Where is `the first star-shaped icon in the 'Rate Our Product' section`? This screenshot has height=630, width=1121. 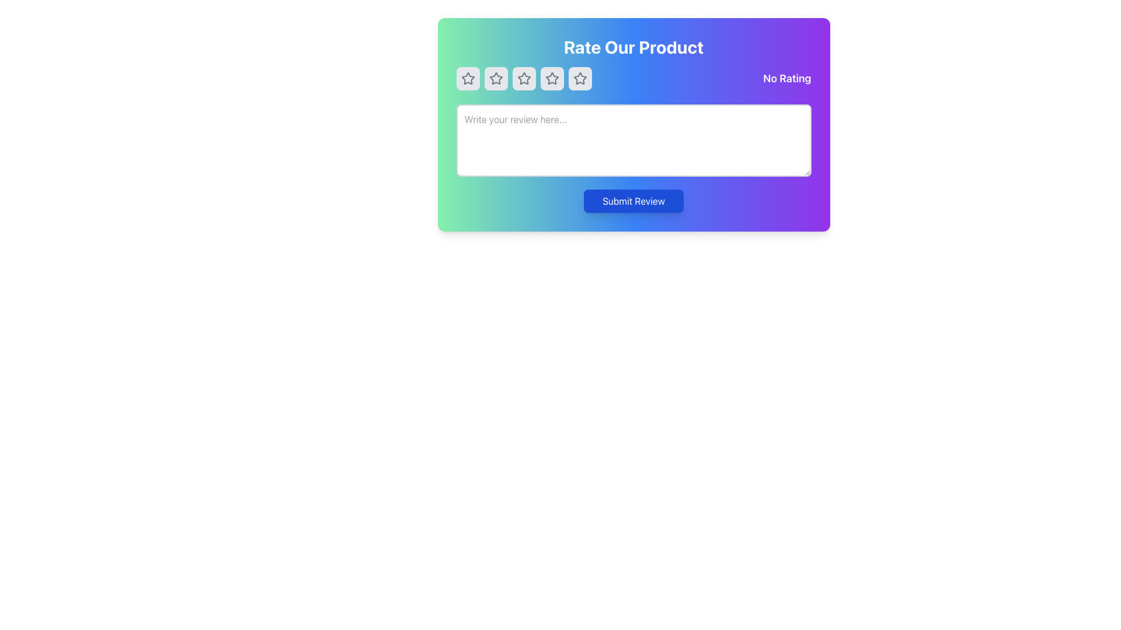 the first star-shaped icon in the 'Rate Our Product' section is located at coordinates (468, 79).